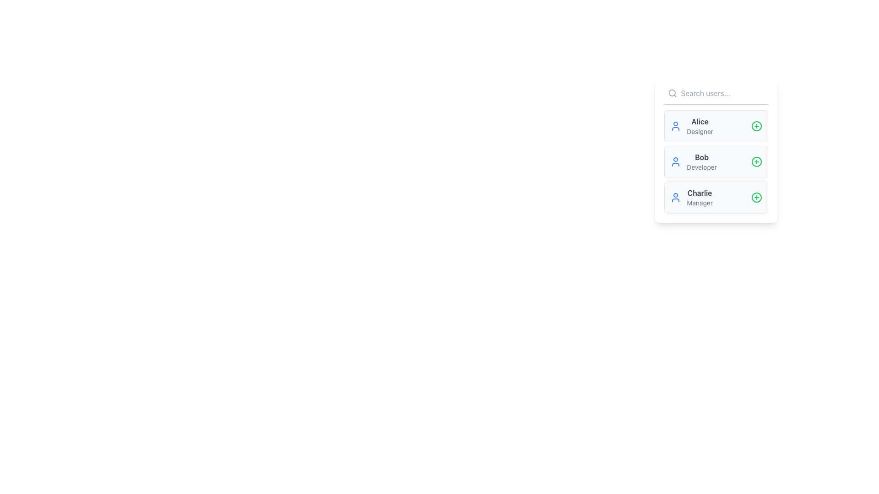 This screenshot has height=494, width=879. What do you see at coordinates (756, 161) in the screenshot?
I see `the add/invite button/icon located to the right of the text 'Bob', which represents inviting user 'Bob' to a team or project` at bounding box center [756, 161].